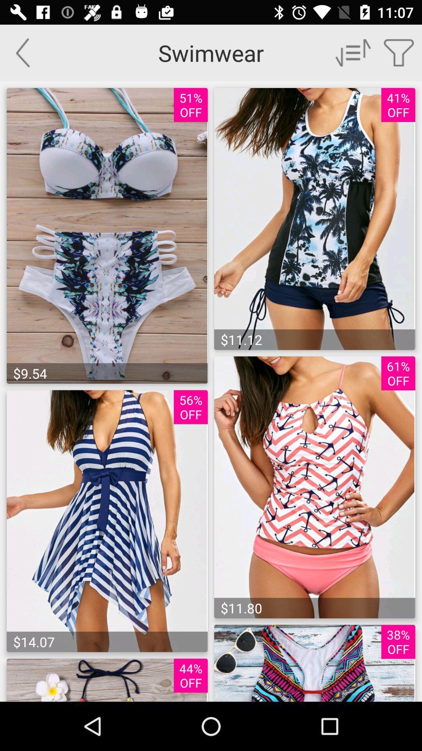  What do you see at coordinates (399, 52) in the screenshot?
I see `a list of things you have choose to buy` at bounding box center [399, 52].